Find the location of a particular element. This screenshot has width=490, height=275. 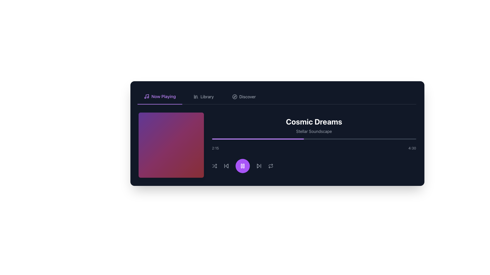

the 'backward' button with an SVG icon located in the horizontal row of media control buttons at the bottom center of the interface, specifically the second button from the left is located at coordinates (226, 166).